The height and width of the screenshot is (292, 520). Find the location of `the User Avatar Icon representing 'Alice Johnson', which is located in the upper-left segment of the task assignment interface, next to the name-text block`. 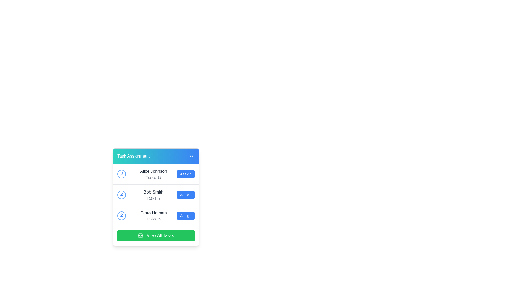

the User Avatar Icon representing 'Alice Johnson', which is located in the upper-left segment of the task assignment interface, next to the name-text block is located at coordinates (121, 174).